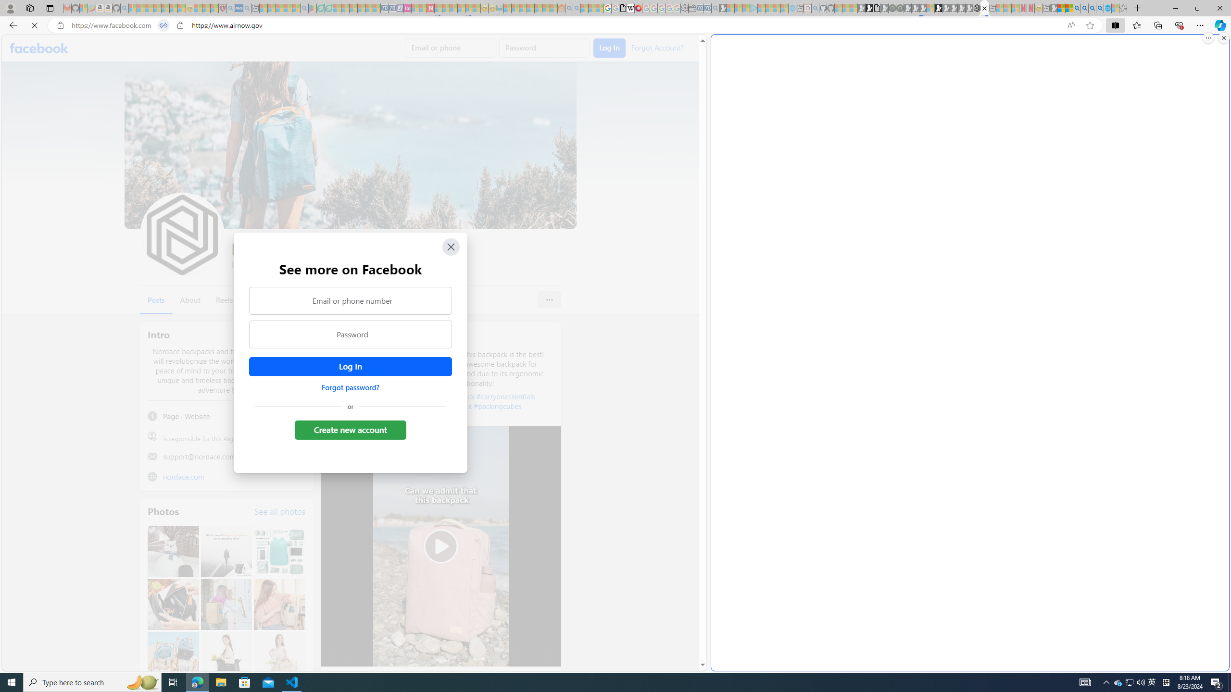  Describe the element at coordinates (39, 48) in the screenshot. I see `'Facebook'` at that location.